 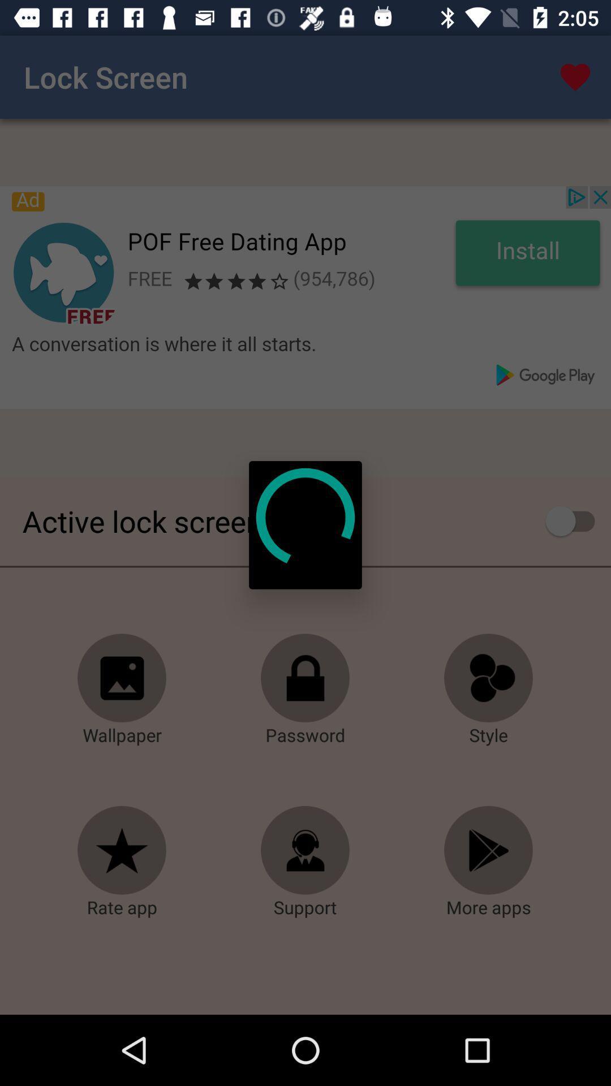 I want to click on rate app icon, so click(x=122, y=850).